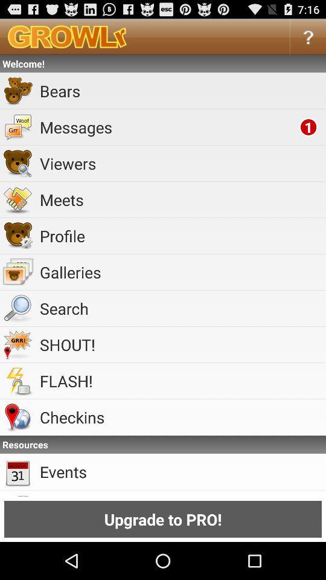  What do you see at coordinates (180, 163) in the screenshot?
I see `item below the messages item` at bounding box center [180, 163].